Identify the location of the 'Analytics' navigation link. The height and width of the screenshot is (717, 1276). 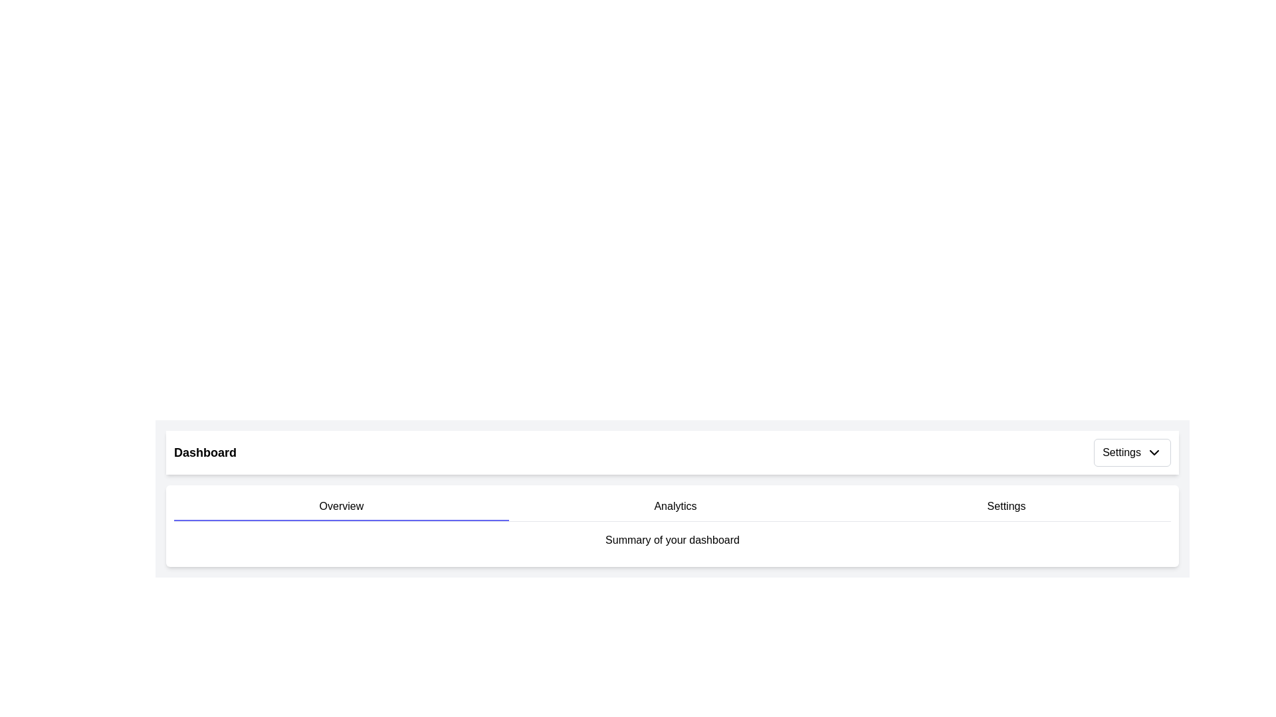
(675, 507).